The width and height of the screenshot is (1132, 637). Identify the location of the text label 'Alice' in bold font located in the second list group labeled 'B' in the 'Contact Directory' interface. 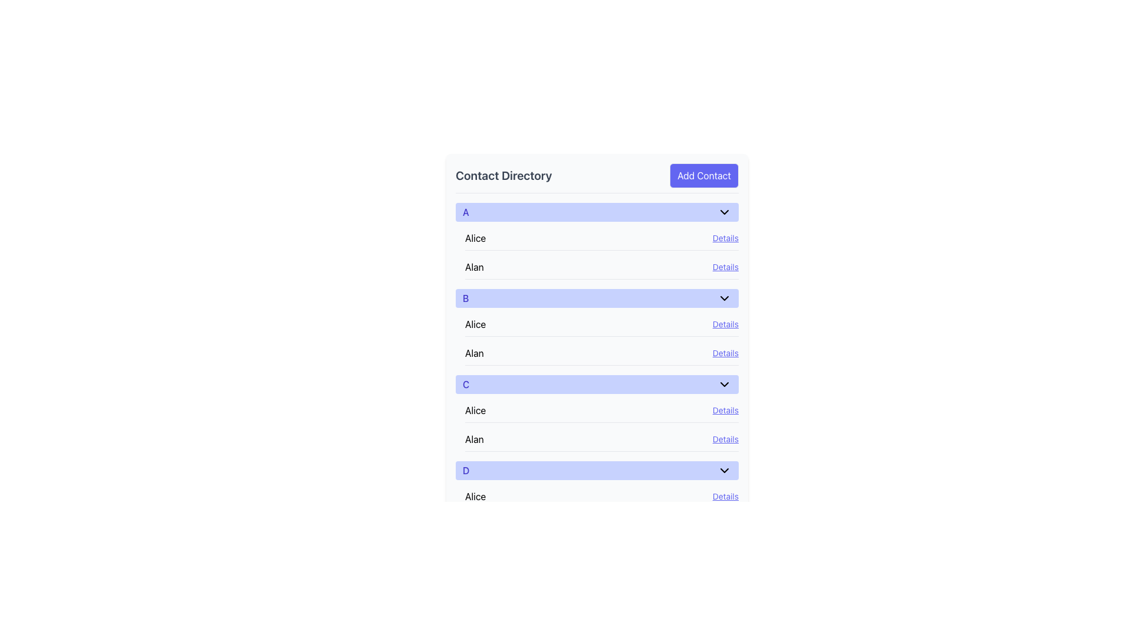
(475, 324).